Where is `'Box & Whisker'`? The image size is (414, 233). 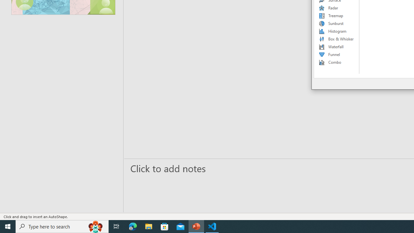 'Box & Whisker' is located at coordinates (336, 39).